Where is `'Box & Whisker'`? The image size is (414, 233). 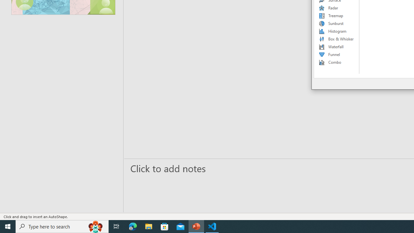 'Box & Whisker' is located at coordinates (336, 39).